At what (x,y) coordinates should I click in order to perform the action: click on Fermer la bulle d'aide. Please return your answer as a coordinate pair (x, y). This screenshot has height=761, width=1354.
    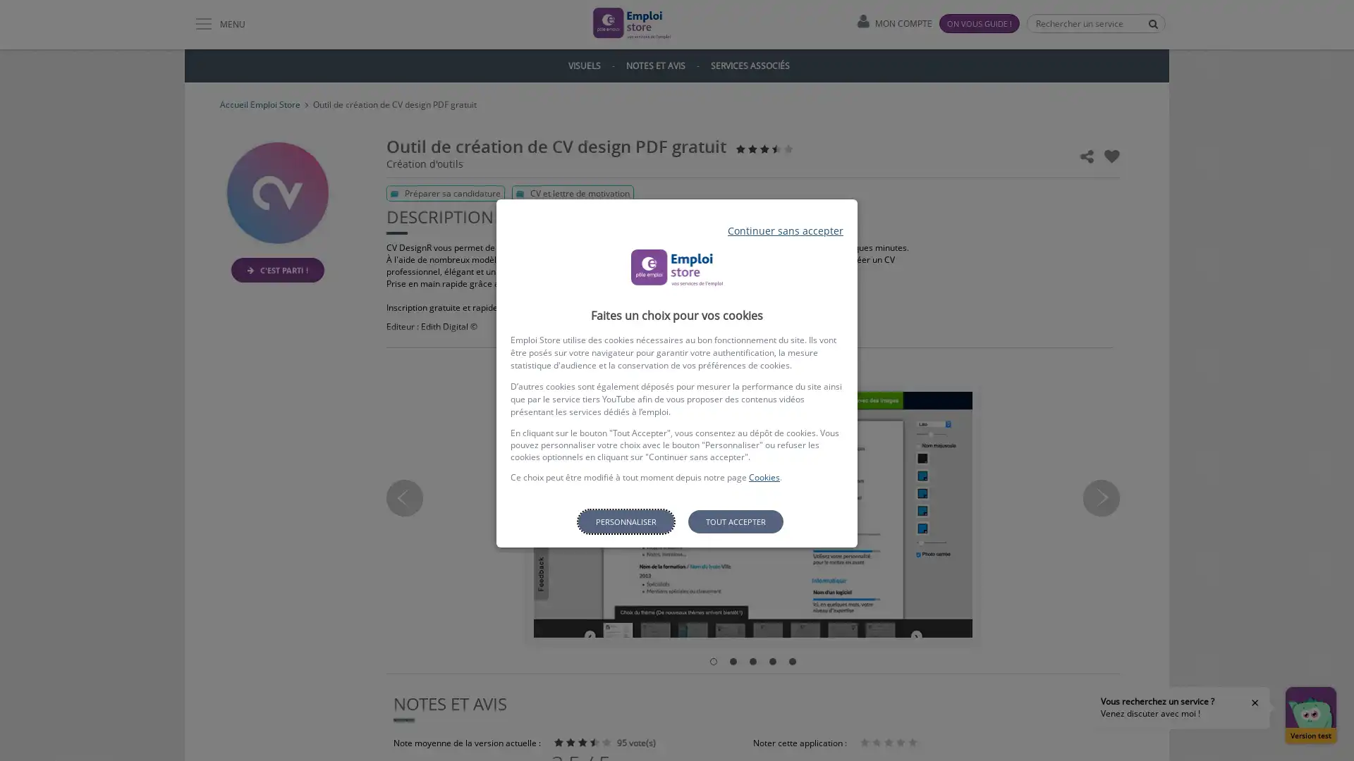
    Looking at the image, I should click on (1255, 702).